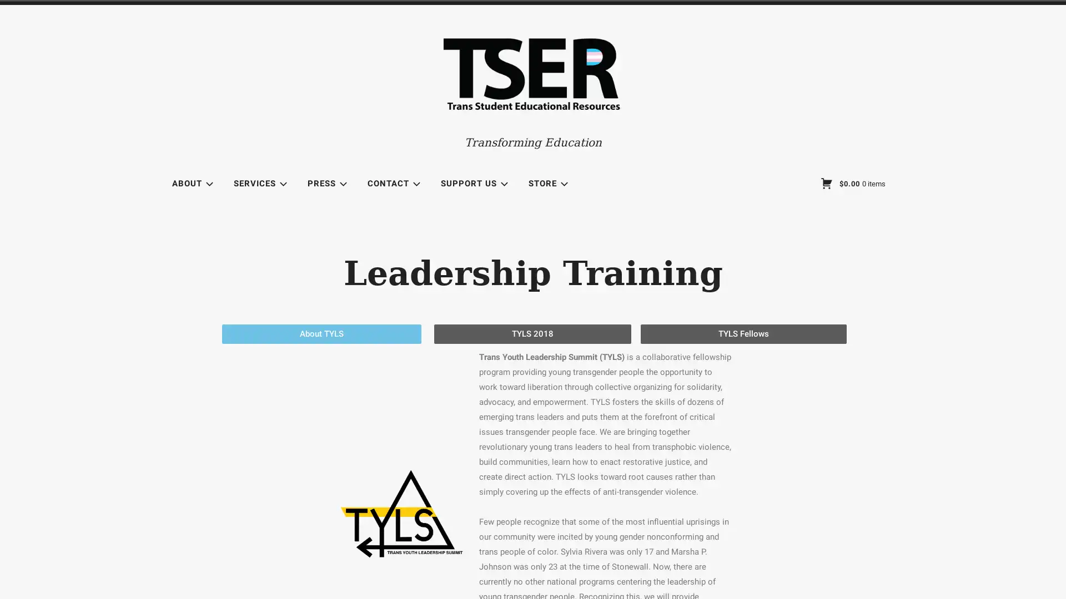 This screenshot has width=1066, height=599. Describe the element at coordinates (743, 333) in the screenshot. I see `TYLS Fellows` at that location.